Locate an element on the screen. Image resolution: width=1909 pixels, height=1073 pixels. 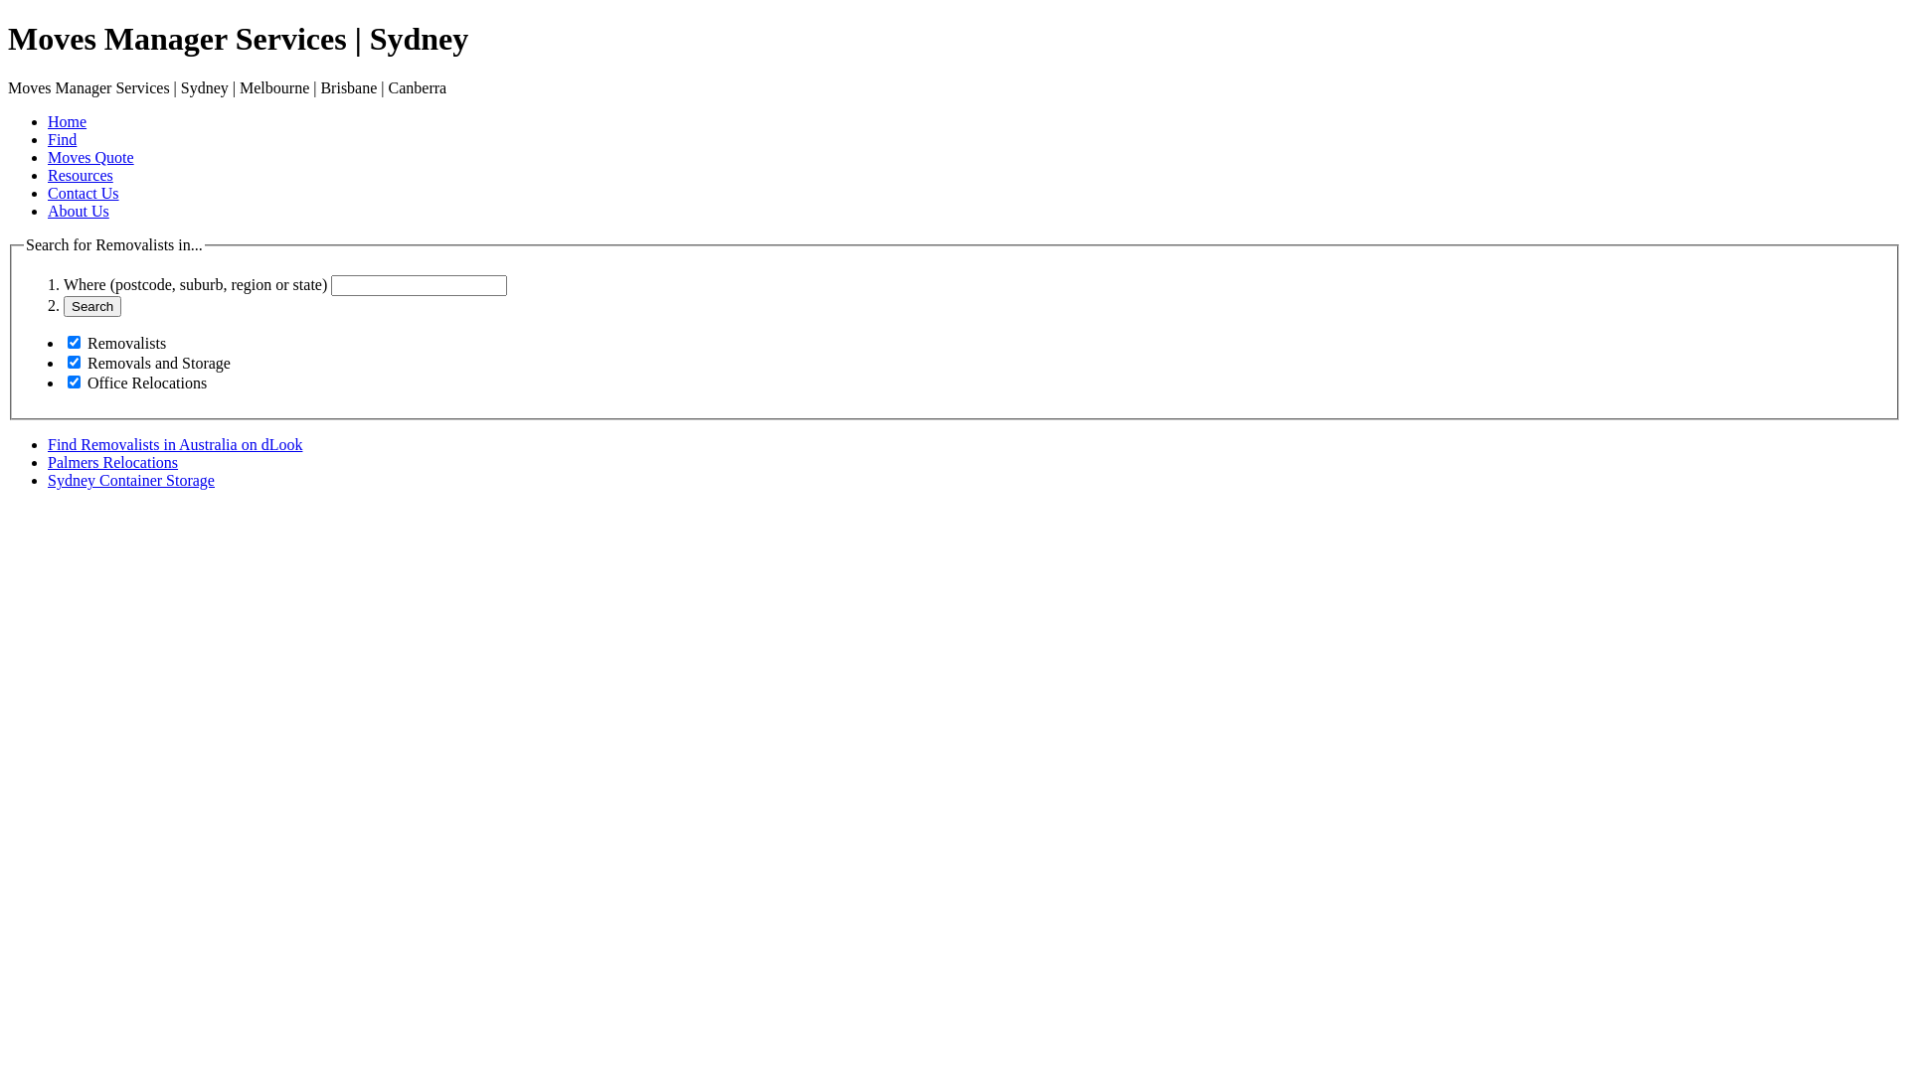
'Resources' is located at coordinates (80, 174).